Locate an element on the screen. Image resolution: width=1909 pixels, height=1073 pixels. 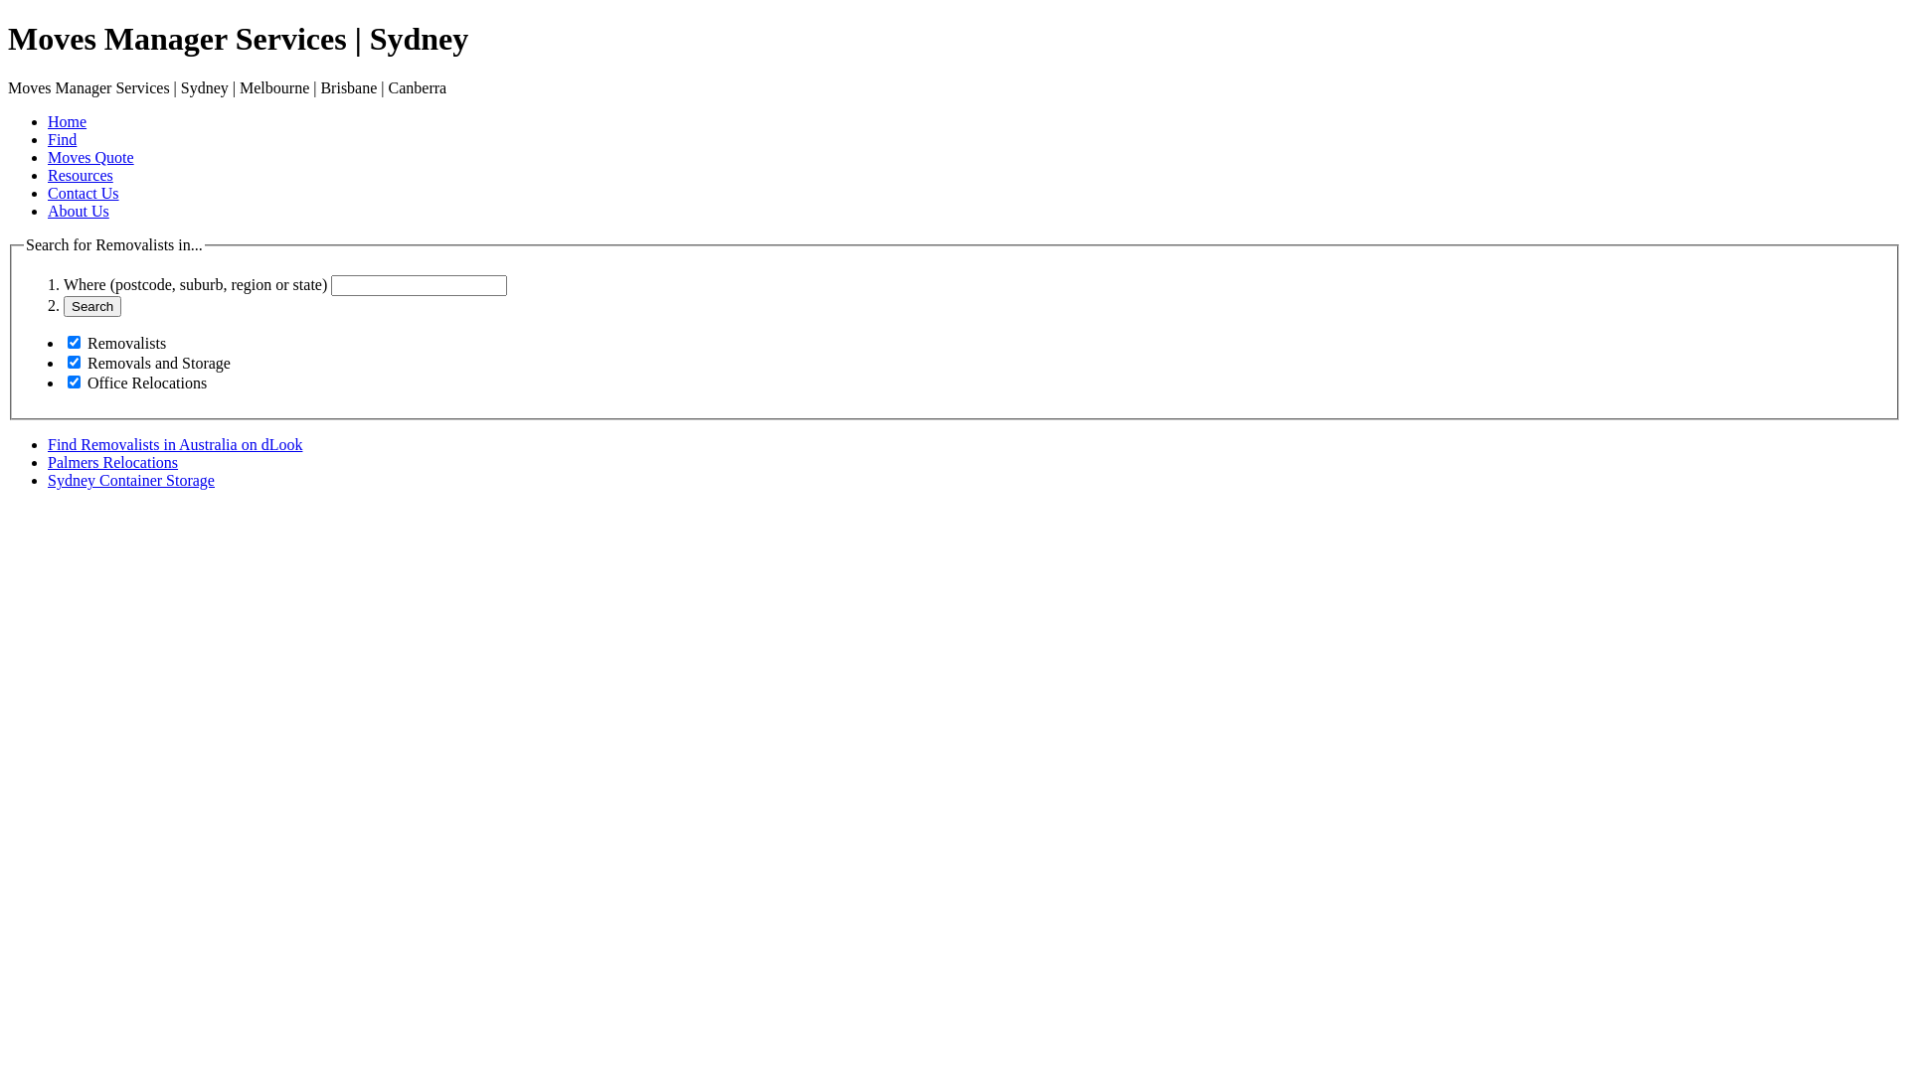
'Resources' is located at coordinates (80, 174).